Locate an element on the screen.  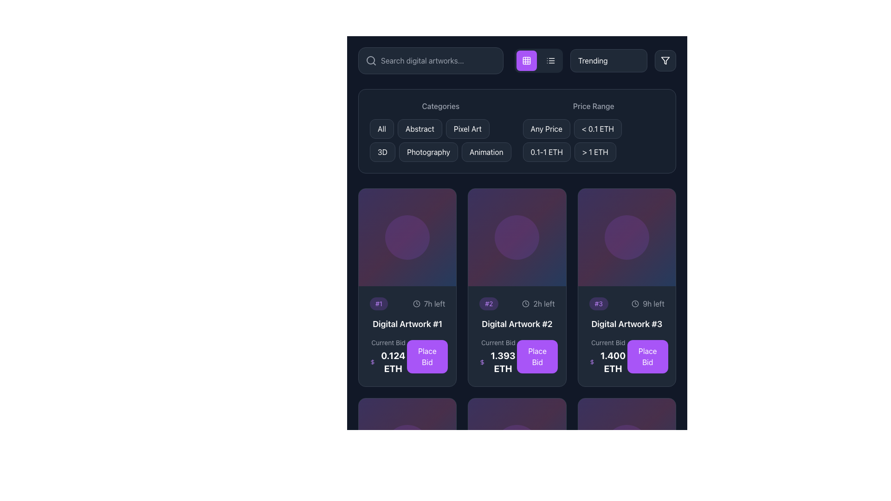
the central circular outline of the clock icon located in the header of the card in the second column of the grid layout is located at coordinates (526, 304).